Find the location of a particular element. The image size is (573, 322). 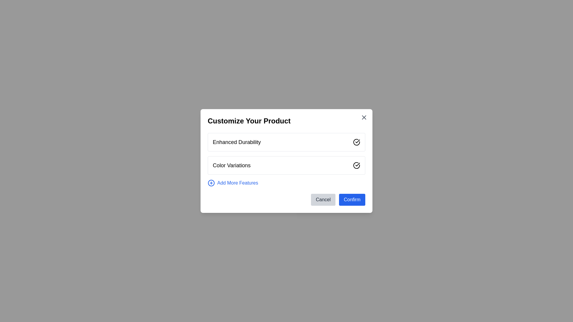

the 'Cancel' button, which is a light gray rectangular button with rounded corners and the label 'Cancel' in black text, located is located at coordinates (323, 200).